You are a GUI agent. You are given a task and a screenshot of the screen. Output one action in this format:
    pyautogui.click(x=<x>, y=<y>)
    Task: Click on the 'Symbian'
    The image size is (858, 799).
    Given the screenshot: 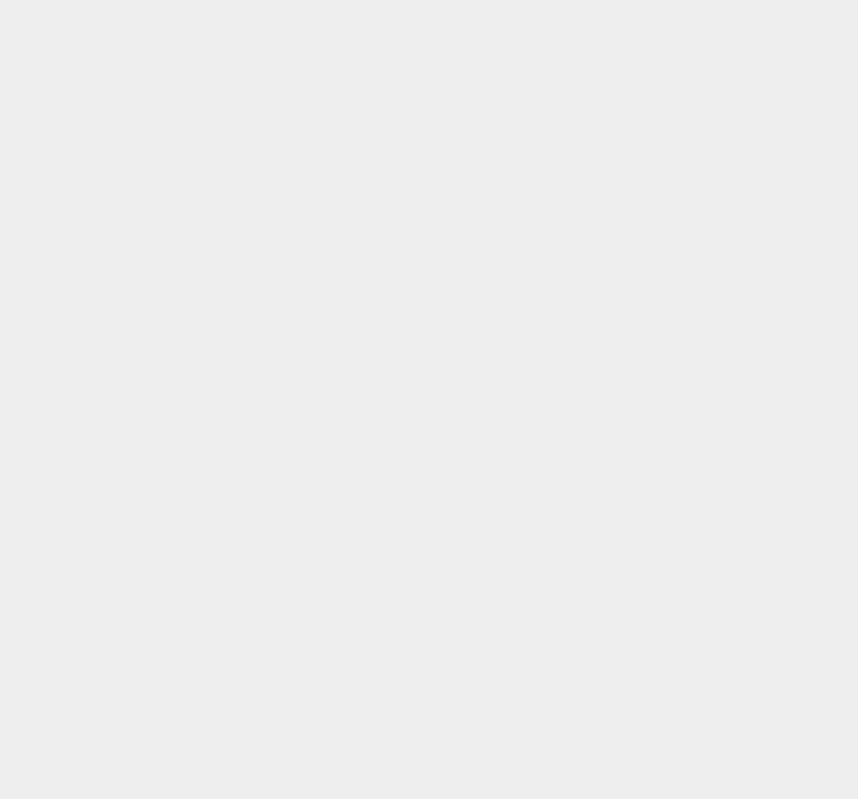 What is the action you would take?
    pyautogui.click(x=625, y=356)
    